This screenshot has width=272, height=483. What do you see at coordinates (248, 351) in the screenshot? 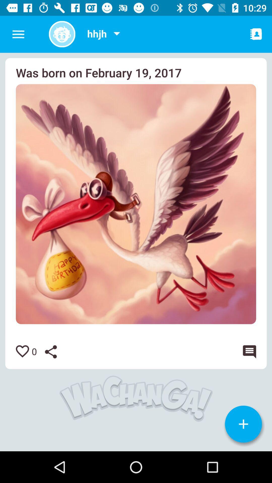
I see `or leave comment` at bounding box center [248, 351].